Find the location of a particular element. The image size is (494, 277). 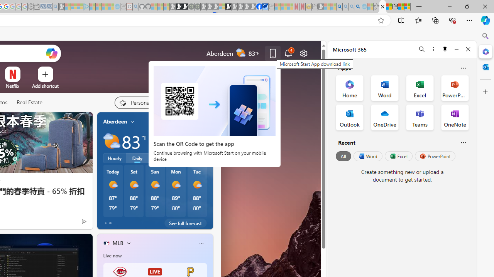

'MLB' is located at coordinates (117, 243).